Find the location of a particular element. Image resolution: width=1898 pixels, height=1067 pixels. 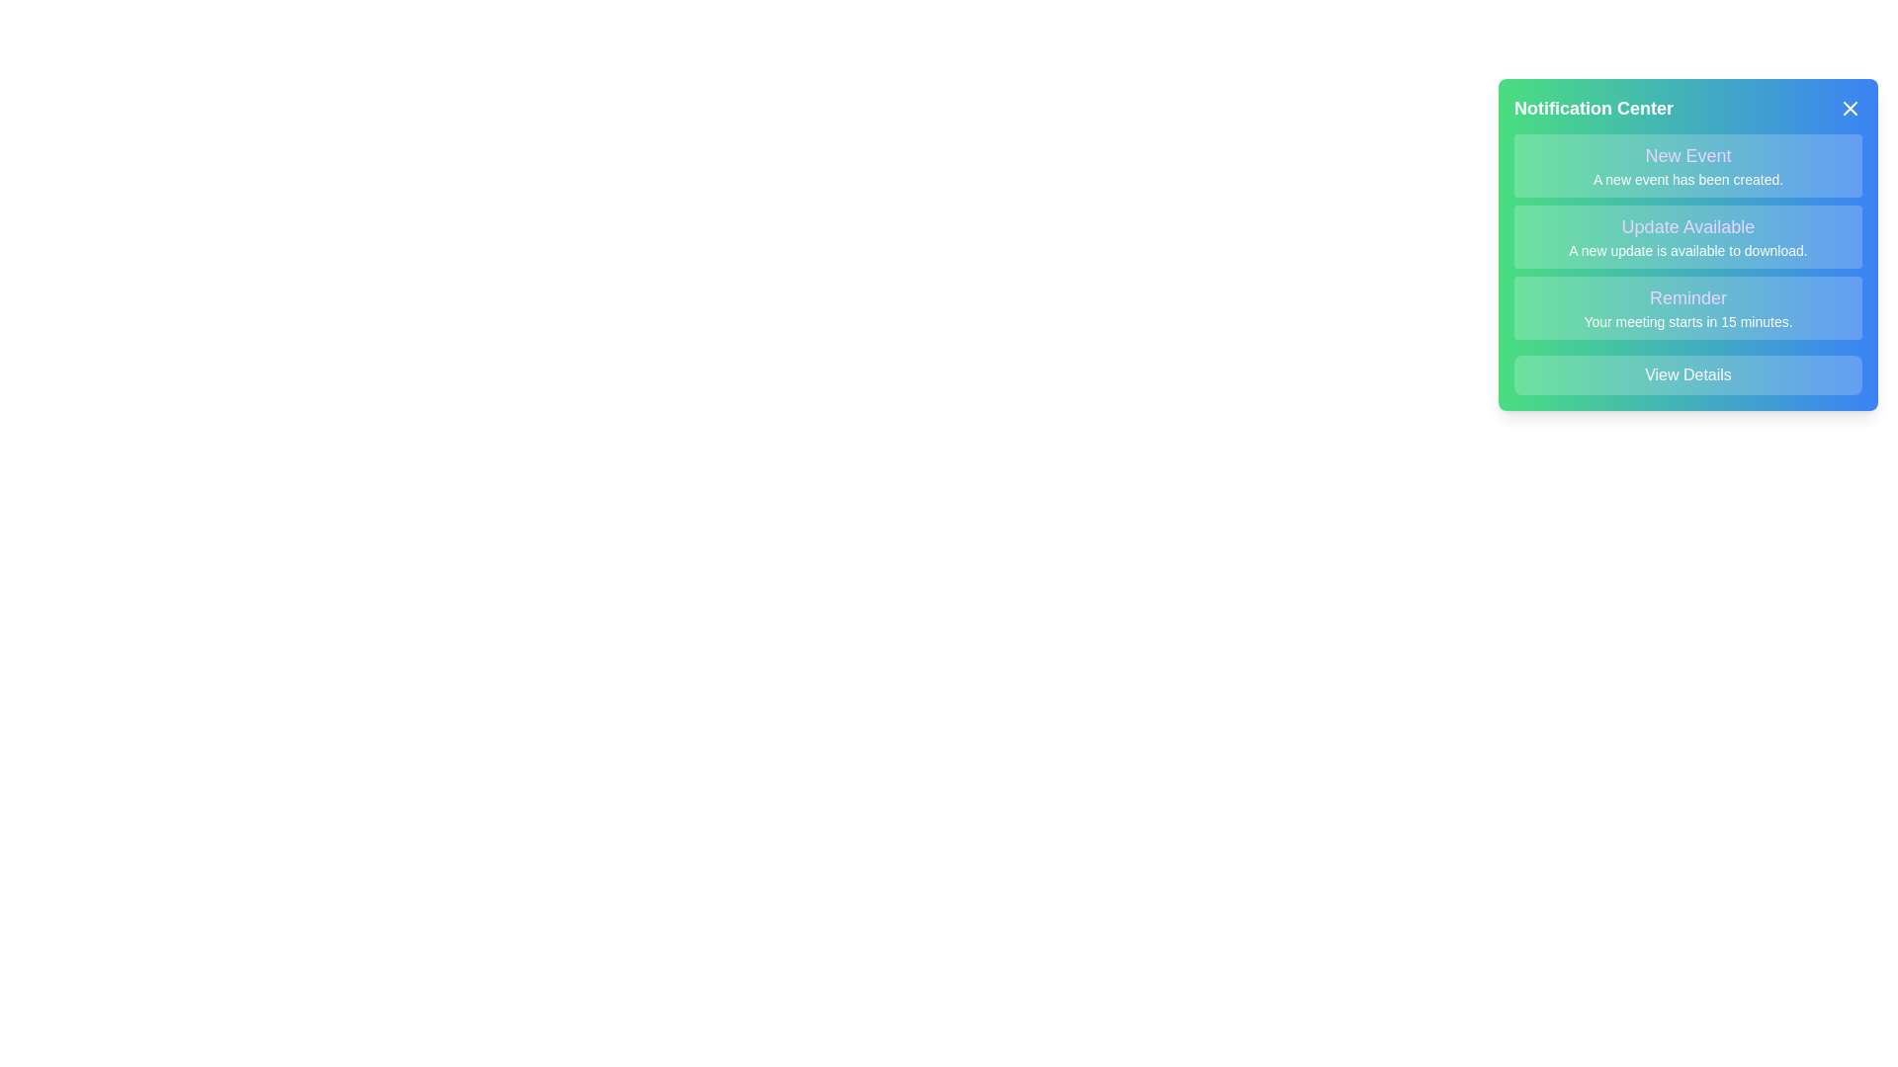

the 'View Details' button to expand the details is located at coordinates (1687, 375).